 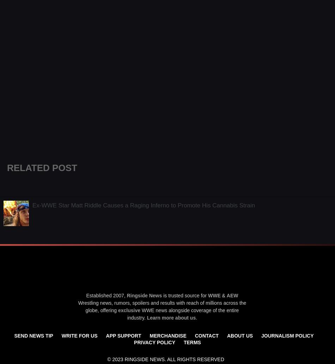 I want to click on 'Ex-WWE Star Matt Riddle Causes a Raging Inferno to Promote His Cannabis Strain', so click(x=143, y=205).